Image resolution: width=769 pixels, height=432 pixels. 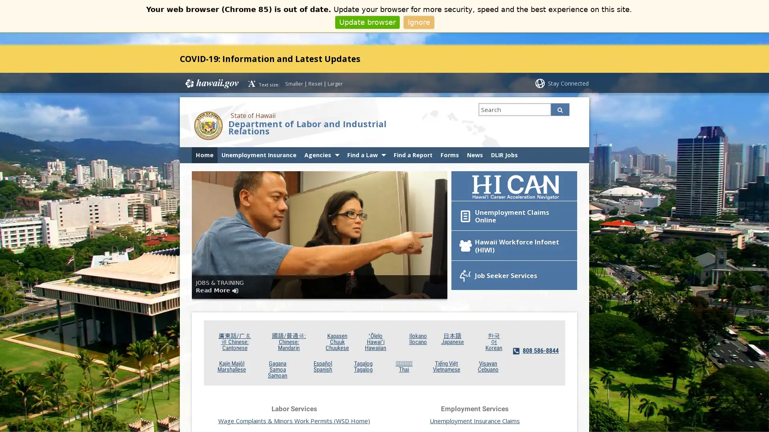 I want to click on Ilokano Ilocano, so click(x=417, y=342).